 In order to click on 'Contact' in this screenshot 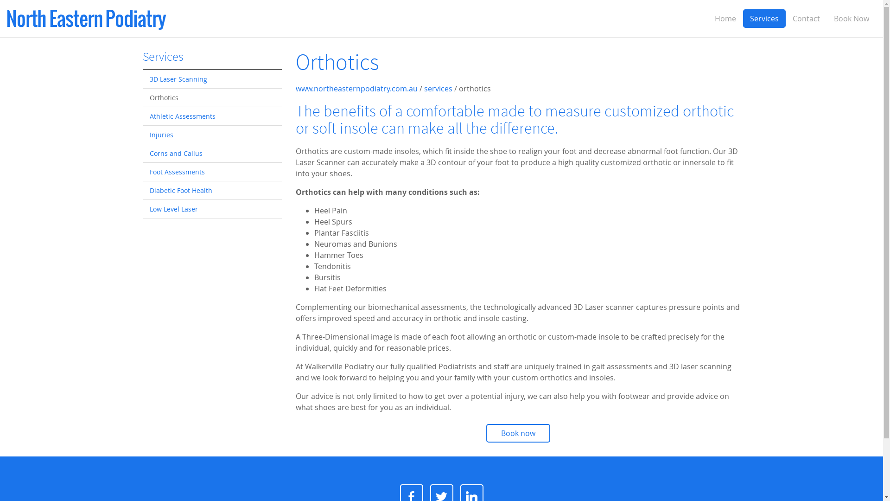, I will do `click(806, 18)`.